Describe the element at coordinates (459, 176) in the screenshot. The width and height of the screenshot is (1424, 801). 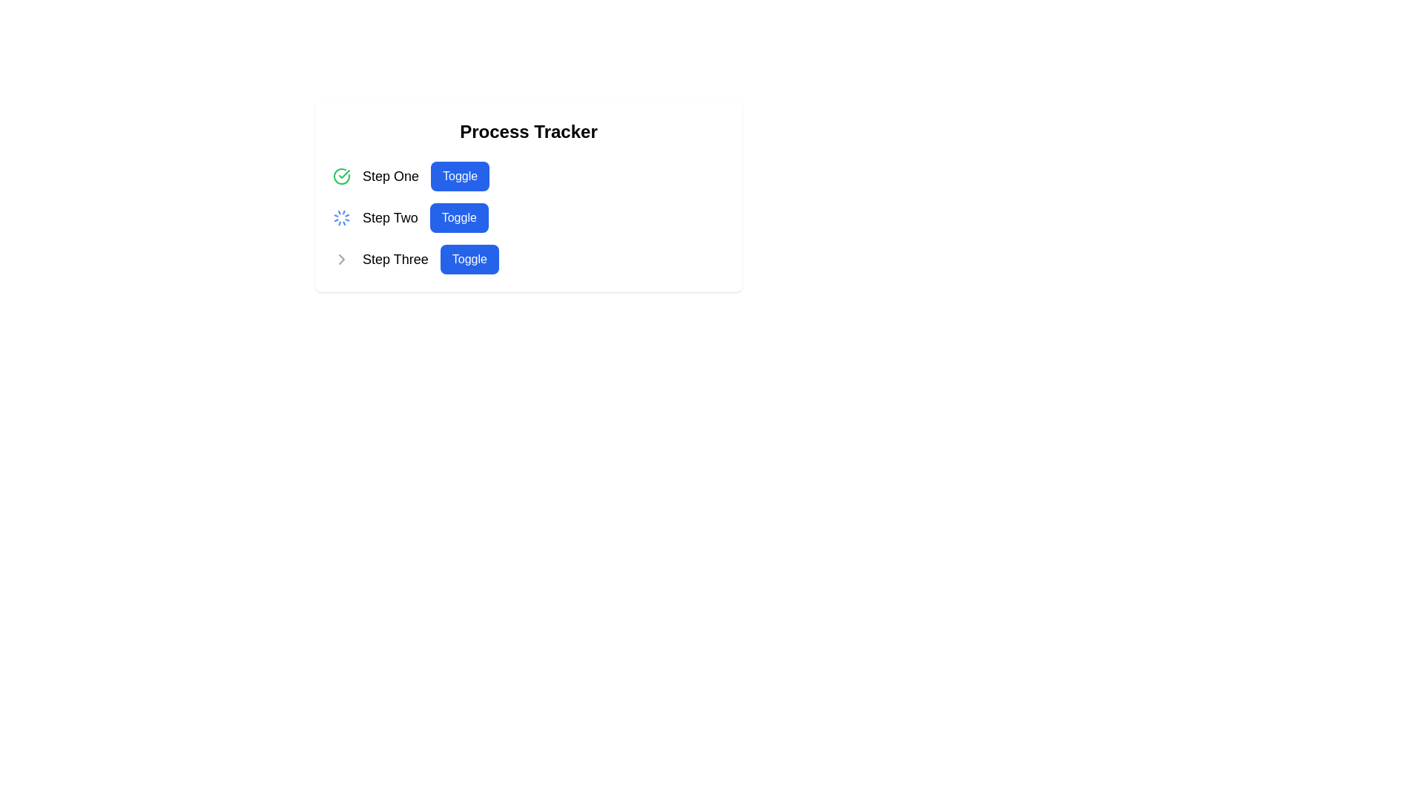
I see `the 'Toggle' button, which is a blue rectangular button with rounded corners, located to the right of the text 'Step One'` at that location.